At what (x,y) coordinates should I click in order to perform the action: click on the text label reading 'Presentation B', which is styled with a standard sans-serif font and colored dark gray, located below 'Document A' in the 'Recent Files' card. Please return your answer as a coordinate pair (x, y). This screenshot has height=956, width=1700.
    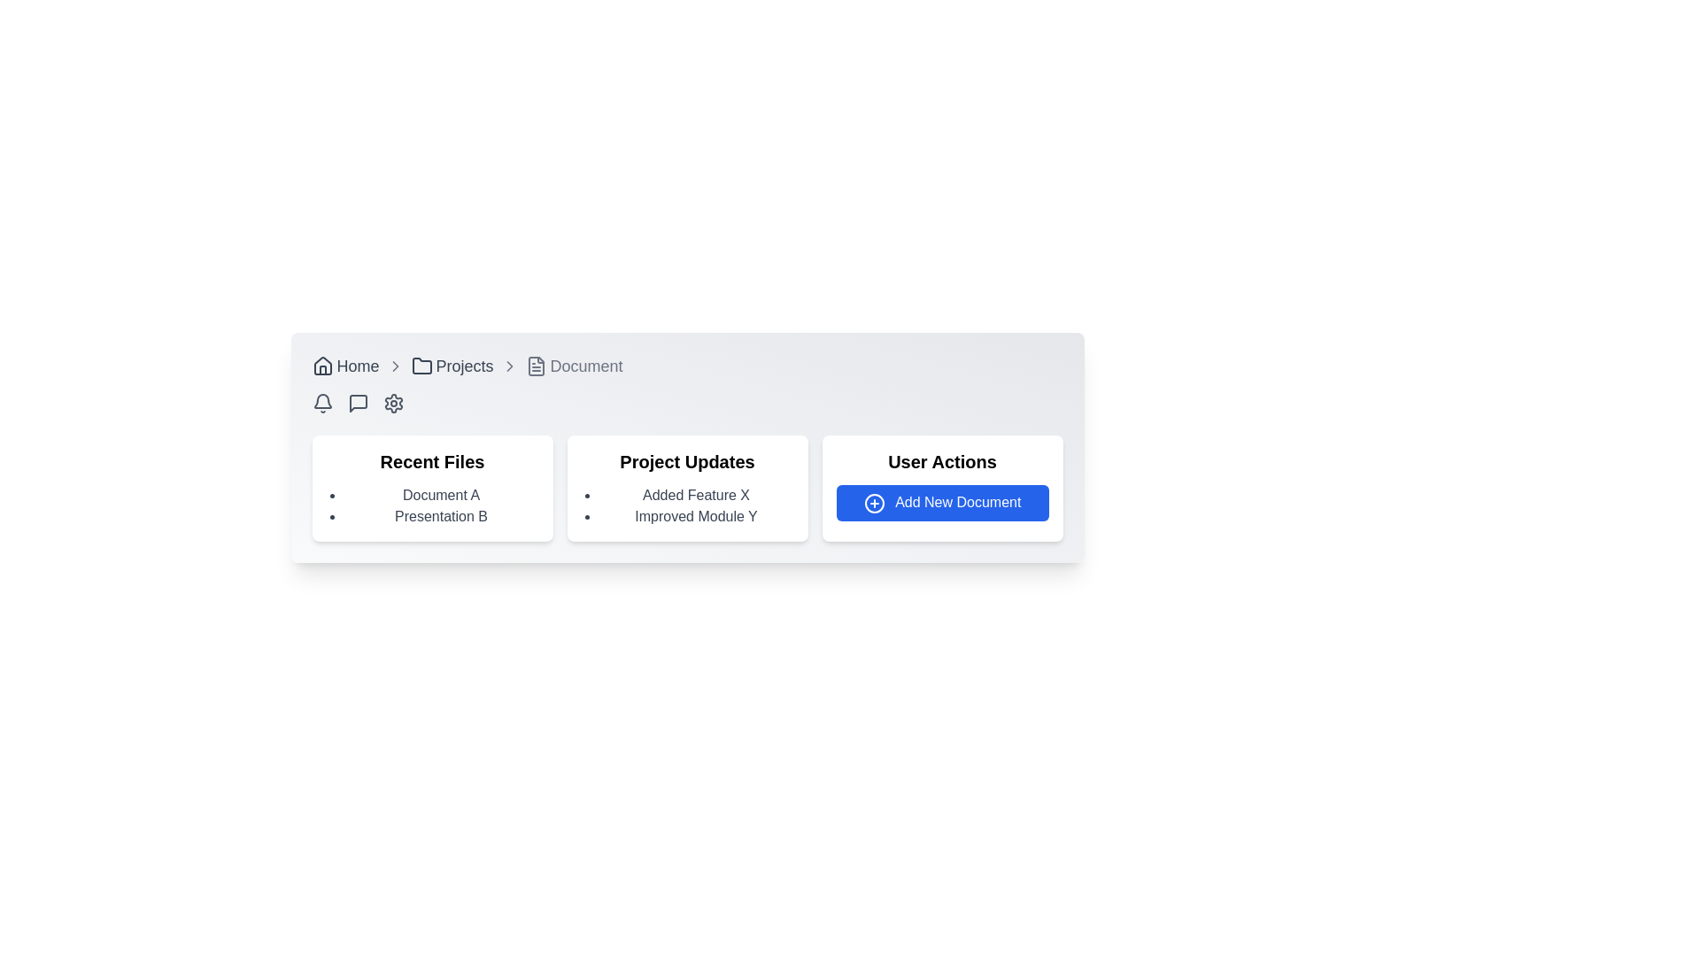
    Looking at the image, I should click on (441, 516).